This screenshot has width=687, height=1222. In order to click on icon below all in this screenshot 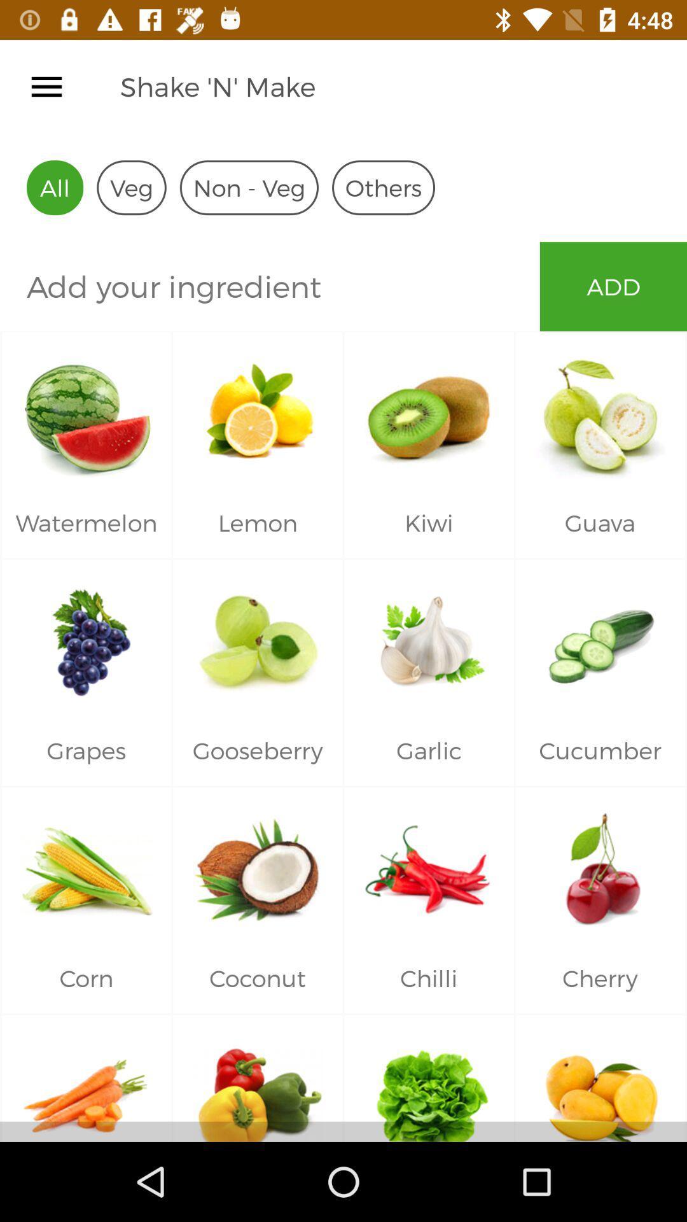, I will do `click(269, 286)`.